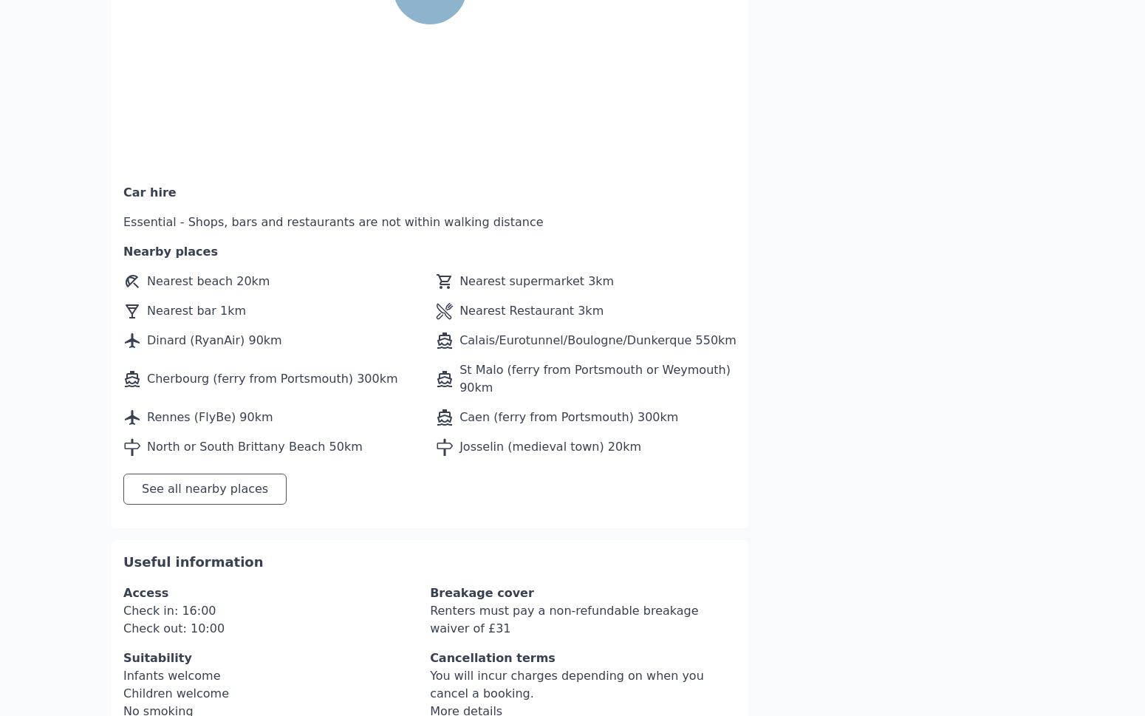 This screenshot has width=1145, height=716. I want to click on 'Nearest beach', so click(191, 236).